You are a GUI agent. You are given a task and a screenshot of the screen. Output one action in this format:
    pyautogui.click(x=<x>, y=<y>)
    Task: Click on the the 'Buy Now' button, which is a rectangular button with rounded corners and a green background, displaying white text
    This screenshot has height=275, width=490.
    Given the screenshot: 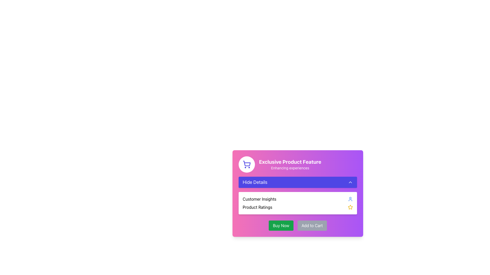 What is the action you would take?
    pyautogui.click(x=281, y=225)
    